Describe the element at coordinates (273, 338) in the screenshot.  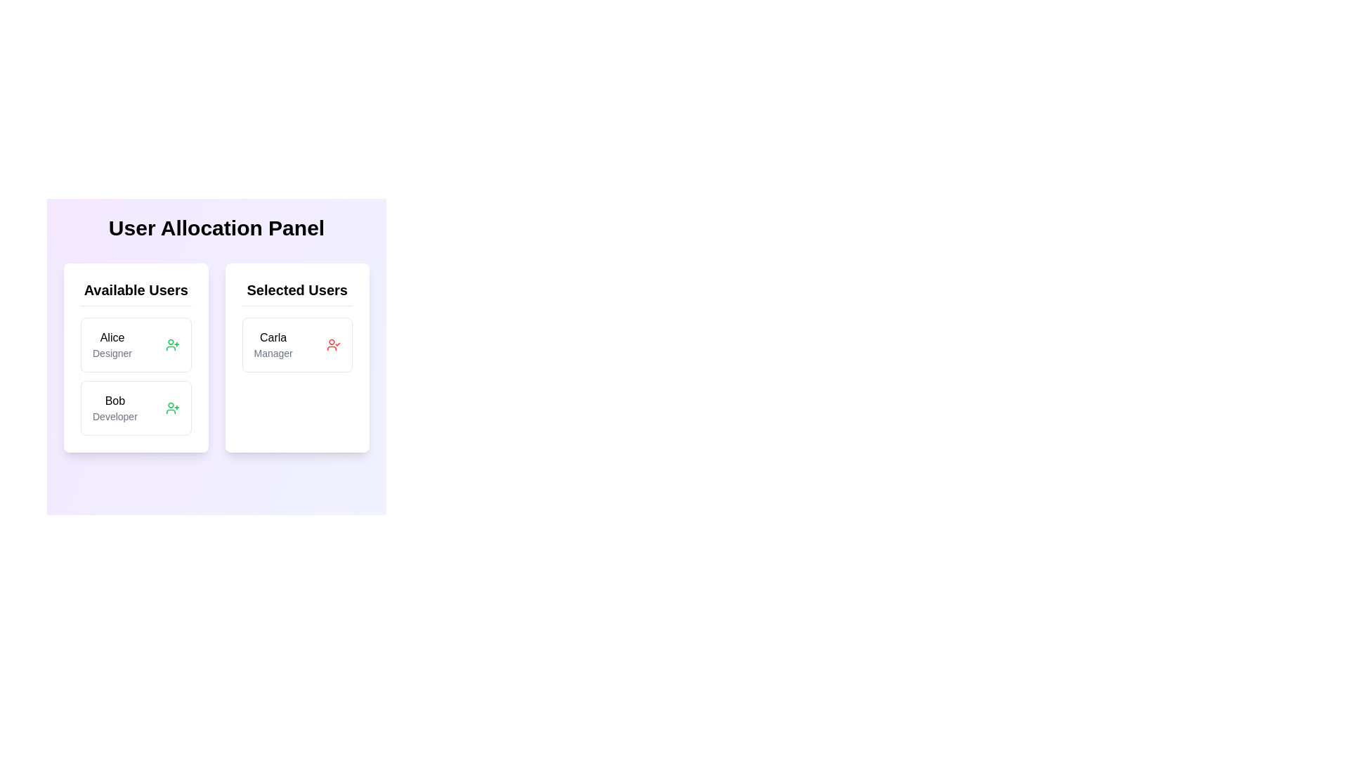
I see `label text indicating the name of the selected user, which is positioned in the 'Selected Users' column of the first card, above the 'Manager' label` at that location.